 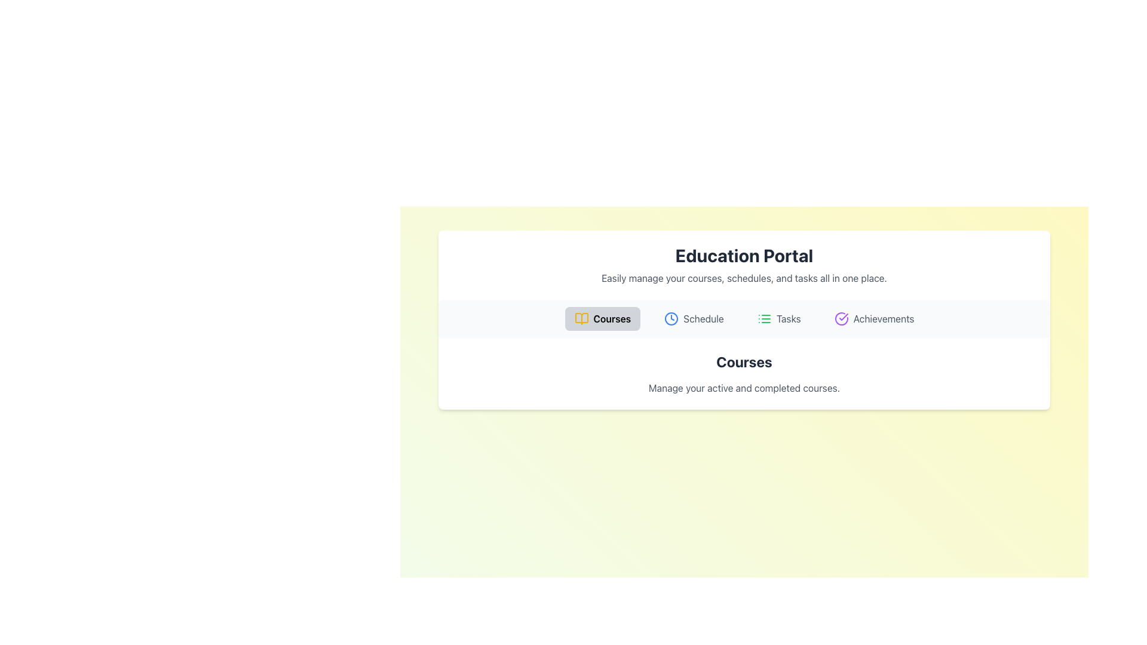 What do you see at coordinates (671, 318) in the screenshot?
I see `the clock icon located in the 'Schedule' section, positioned between the 'Courses' and 'Tasks' sections` at bounding box center [671, 318].